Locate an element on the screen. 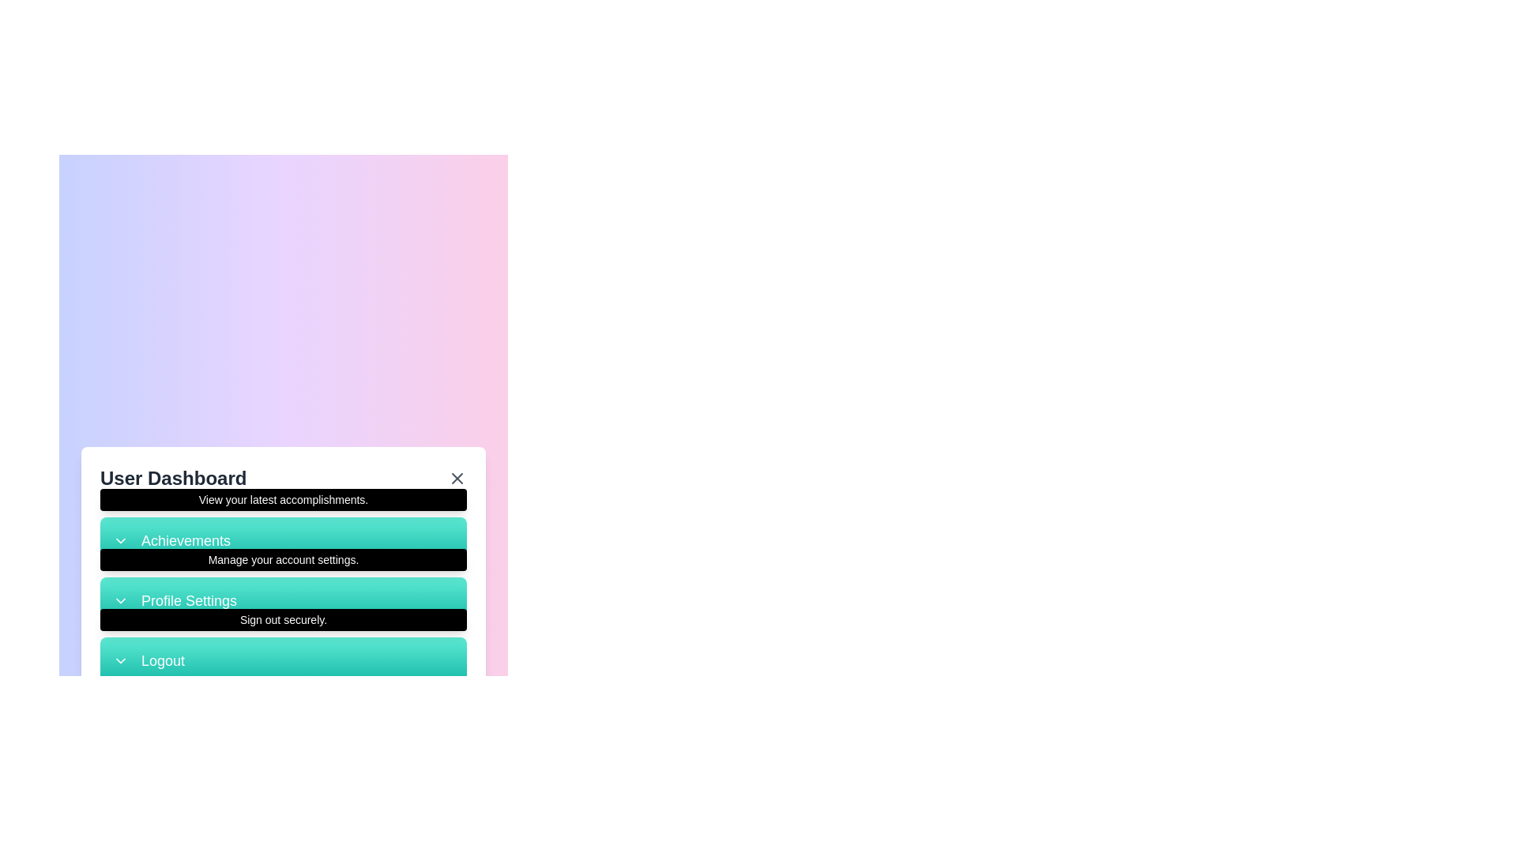  the downward-pointing chevron icon with a thin white stroke in the 'Profile Settings' section is located at coordinates (120, 599).